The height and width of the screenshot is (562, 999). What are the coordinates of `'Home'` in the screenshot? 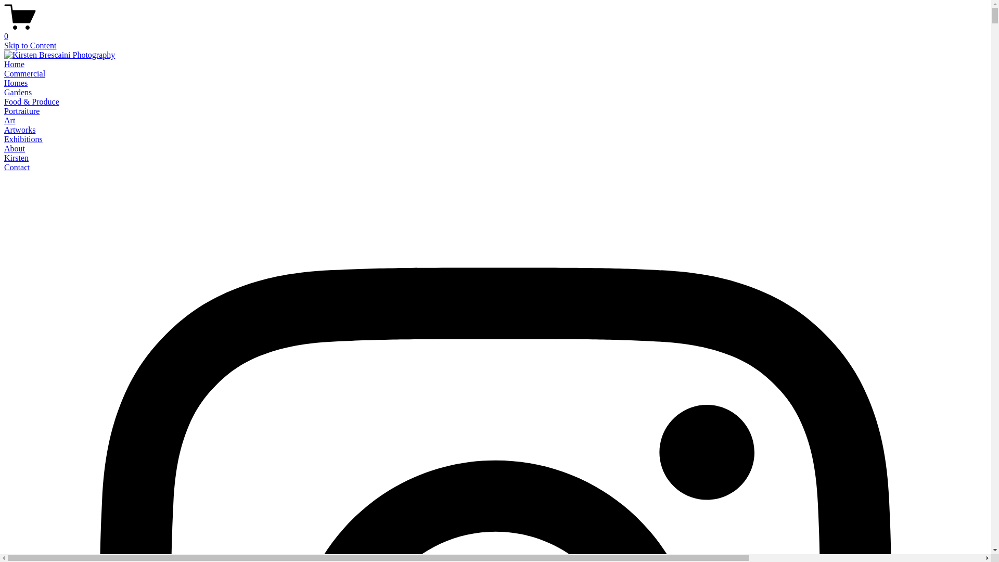 It's located at (14, 64).